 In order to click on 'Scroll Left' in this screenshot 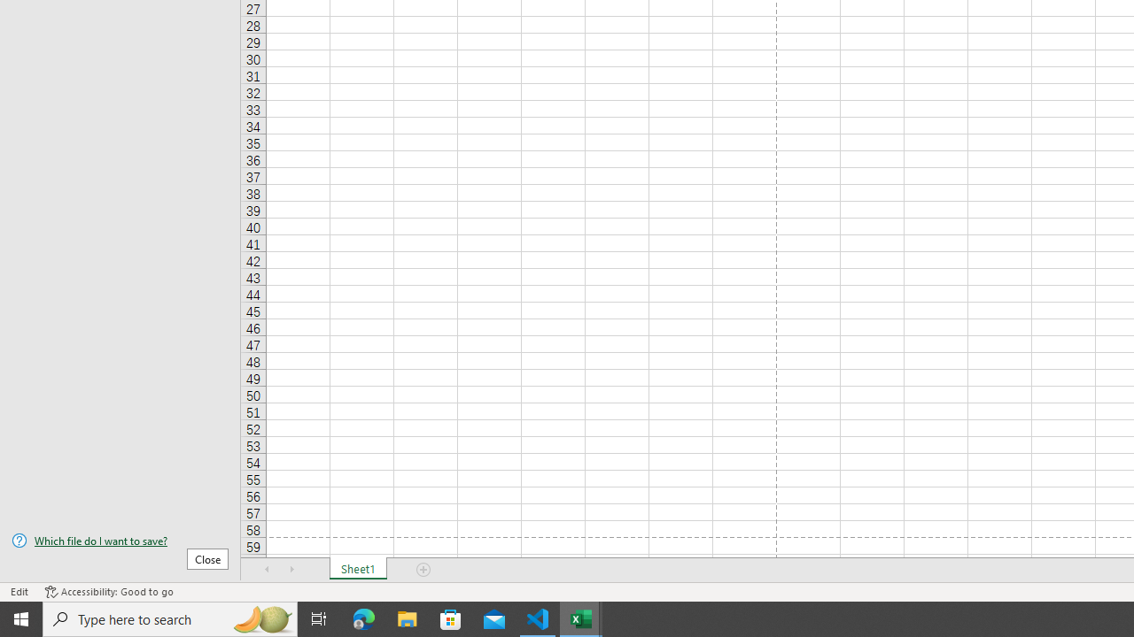, I will do `click(267, 570)`.